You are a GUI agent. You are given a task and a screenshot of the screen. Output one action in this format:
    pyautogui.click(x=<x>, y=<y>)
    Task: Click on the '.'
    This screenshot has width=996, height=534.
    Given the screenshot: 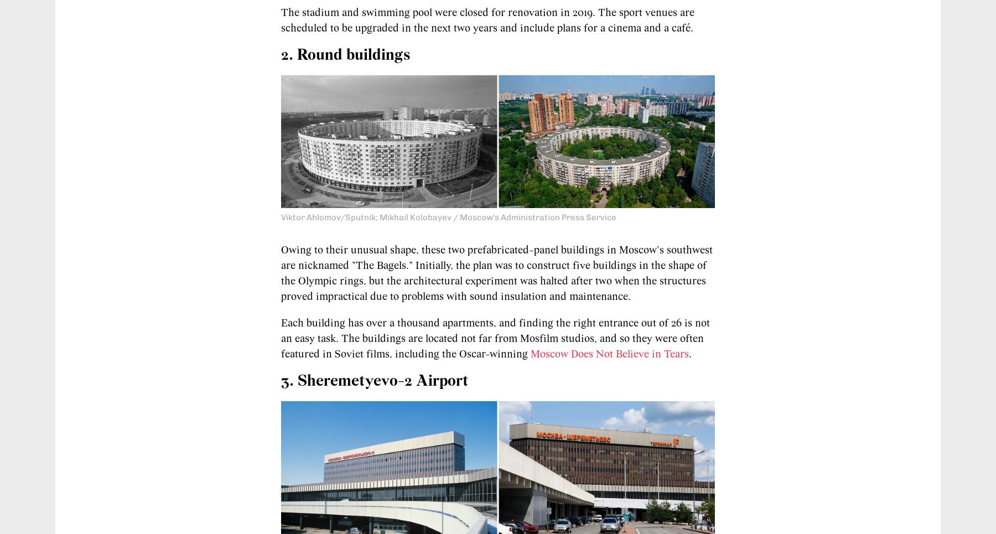 What is the action you would take?
    pyautogui.click(x=690, y=354)
    